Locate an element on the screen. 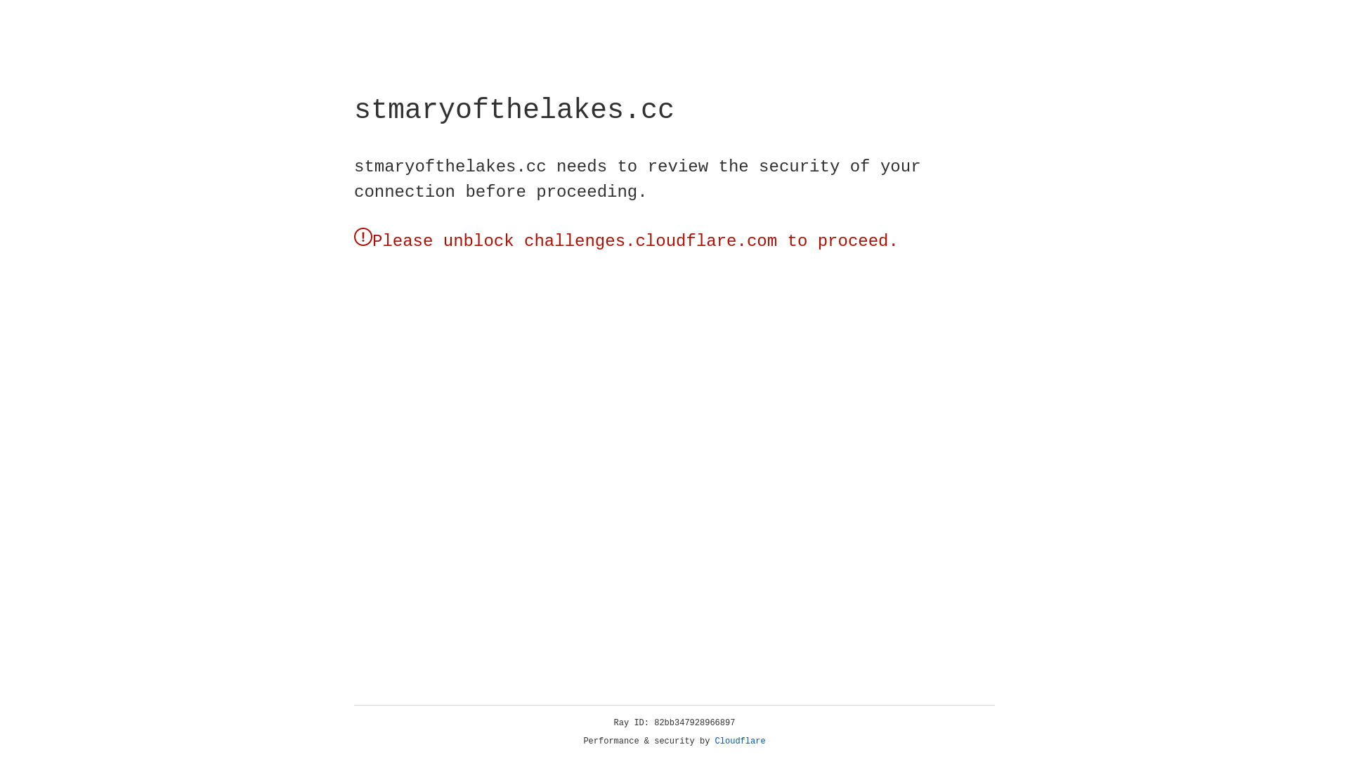 Image resolution: width=1349 pixels, height=759 pixels. 'Cloudflare' is located at coordinates (740, 741).